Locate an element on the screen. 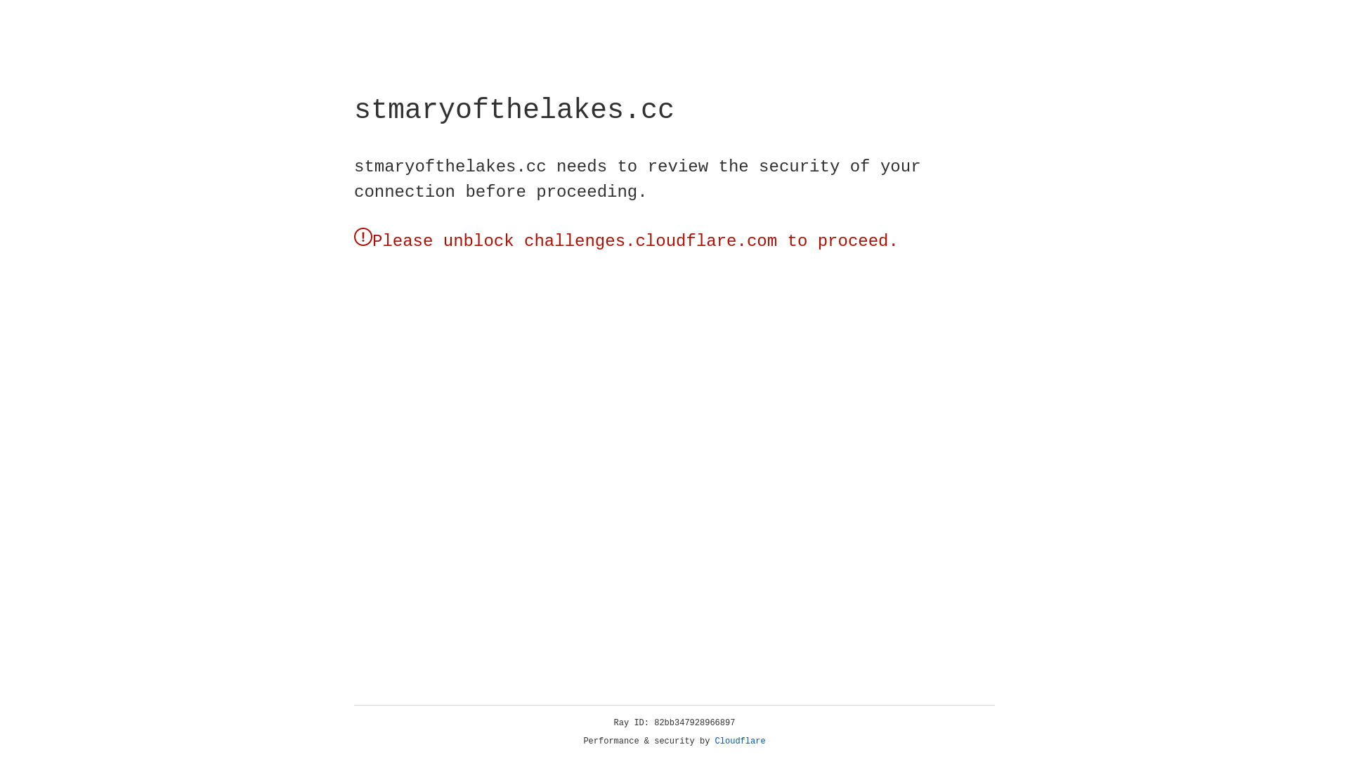 Image resolution: width=1349 pixels, height=759 pixels. 'Cloudflare' is located at coordinates (740, 741).